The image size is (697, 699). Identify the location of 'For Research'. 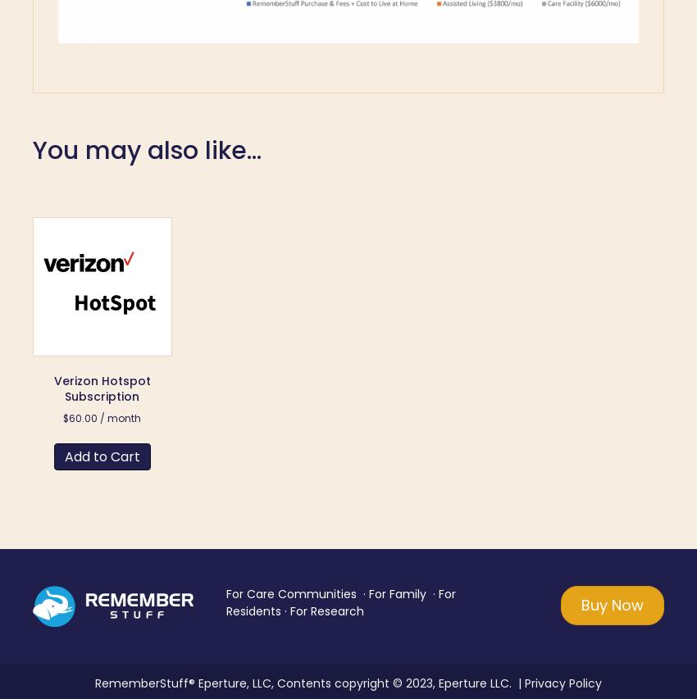
(326, 610).